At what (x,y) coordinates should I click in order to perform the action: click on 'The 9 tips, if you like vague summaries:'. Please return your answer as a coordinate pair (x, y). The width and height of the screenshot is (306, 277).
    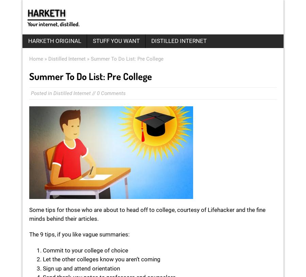
    Looking at the image, I should click on (79, 234).